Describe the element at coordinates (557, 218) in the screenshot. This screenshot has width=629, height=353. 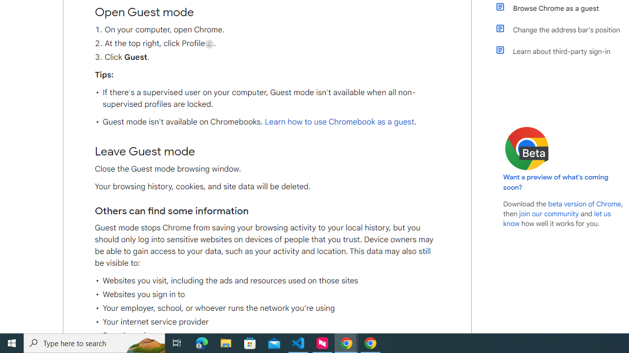
I see `'let us know'` at that location.